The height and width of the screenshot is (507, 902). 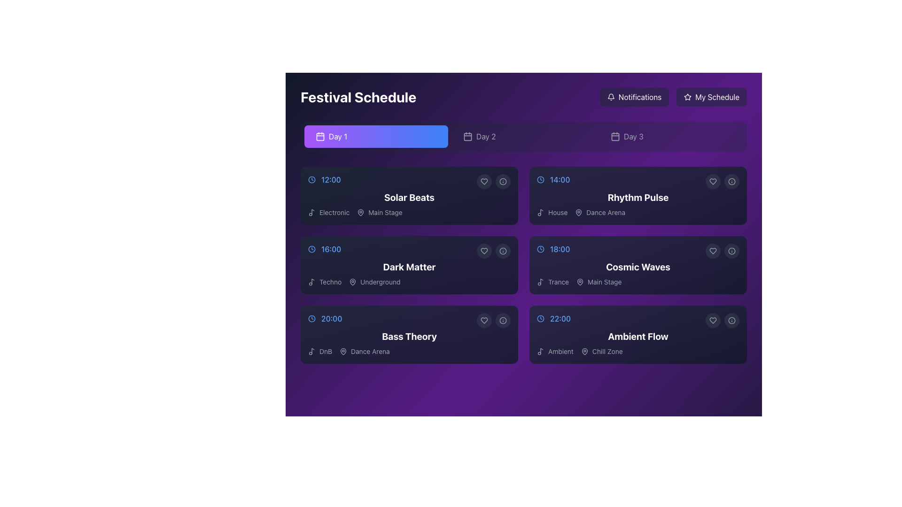 I want to click on the decorative SVG circle that represents the clock icon next to the '20:00' time label under the 'Bass Theory' performance in the schedule, so click(x=311, y=318).